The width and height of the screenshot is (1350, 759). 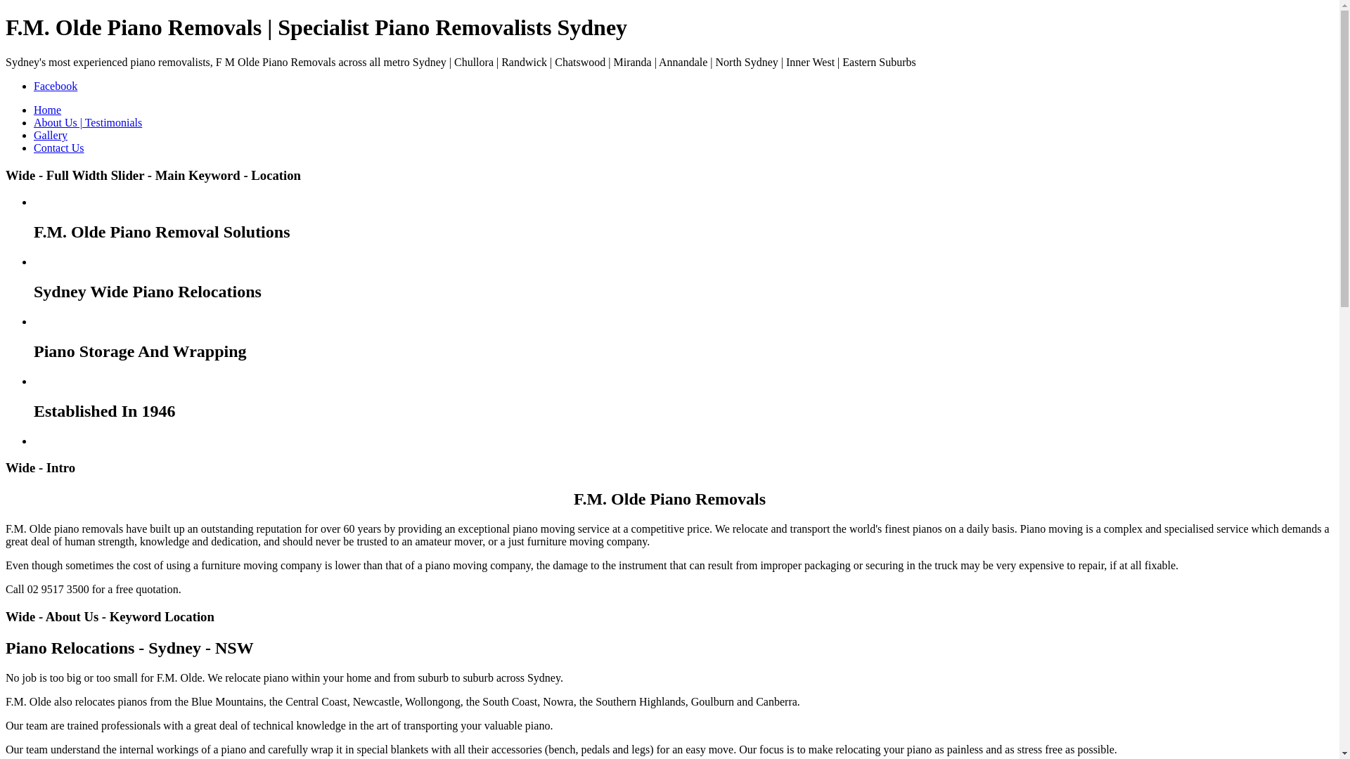 What do you see at coordinates (47, 109) in the screenshot?
I see `'Home'` at bounding box center [47, 109].